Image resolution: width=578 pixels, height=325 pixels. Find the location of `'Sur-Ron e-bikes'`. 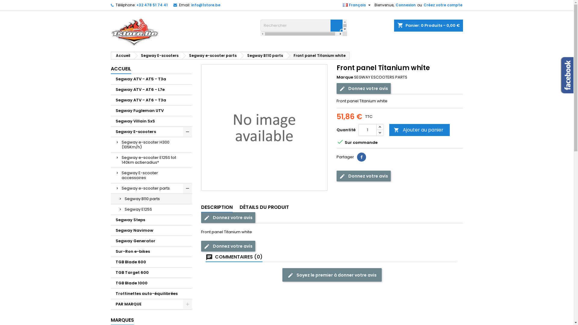

'Sur-Ron e-bikes' is located at coordinates (151, 252).